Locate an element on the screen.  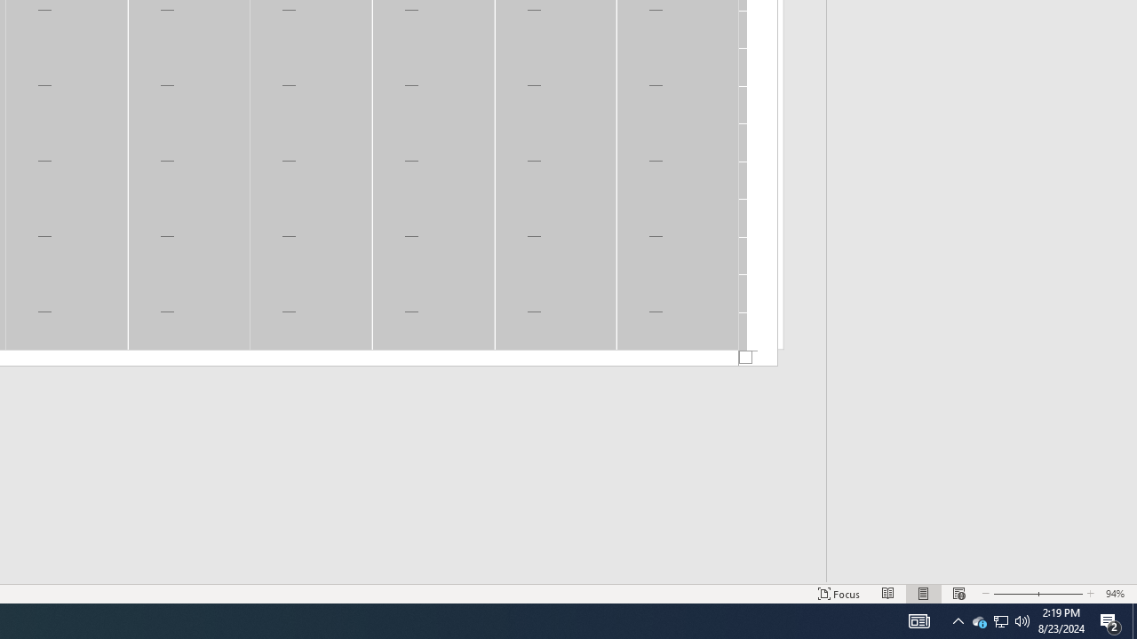
'Zoom Out' is located at coordinates (1014, 594).